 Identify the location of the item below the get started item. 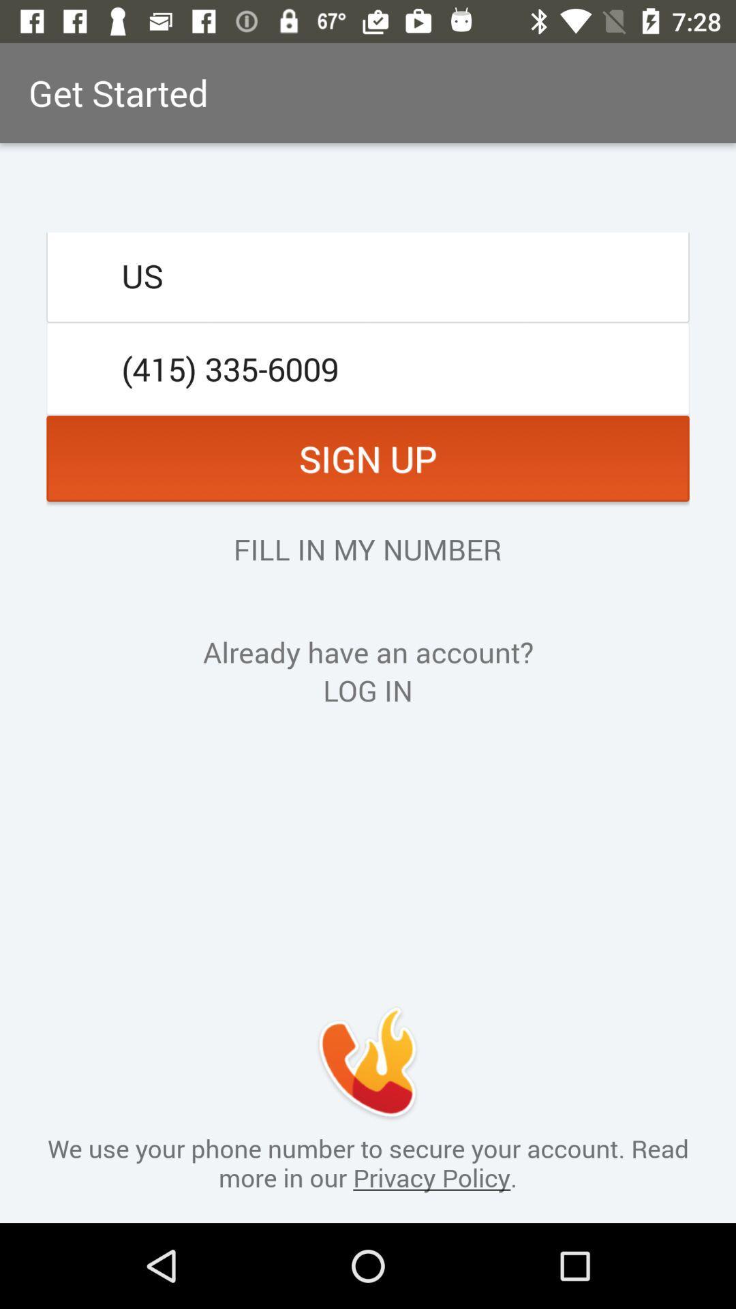
(368, 275).